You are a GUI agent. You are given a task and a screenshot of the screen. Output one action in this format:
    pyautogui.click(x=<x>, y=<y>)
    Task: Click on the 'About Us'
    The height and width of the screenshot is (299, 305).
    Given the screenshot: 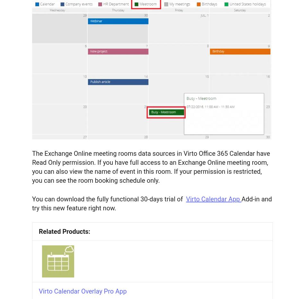 What is the action you would take?
    pyautogui.click(x=25, y=92)
    